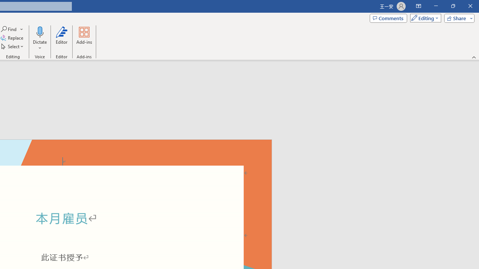  What do you see at coordinates (452, 6) in the screenshot?
I see `'Restore Down'` at bounding box center [452, 6].